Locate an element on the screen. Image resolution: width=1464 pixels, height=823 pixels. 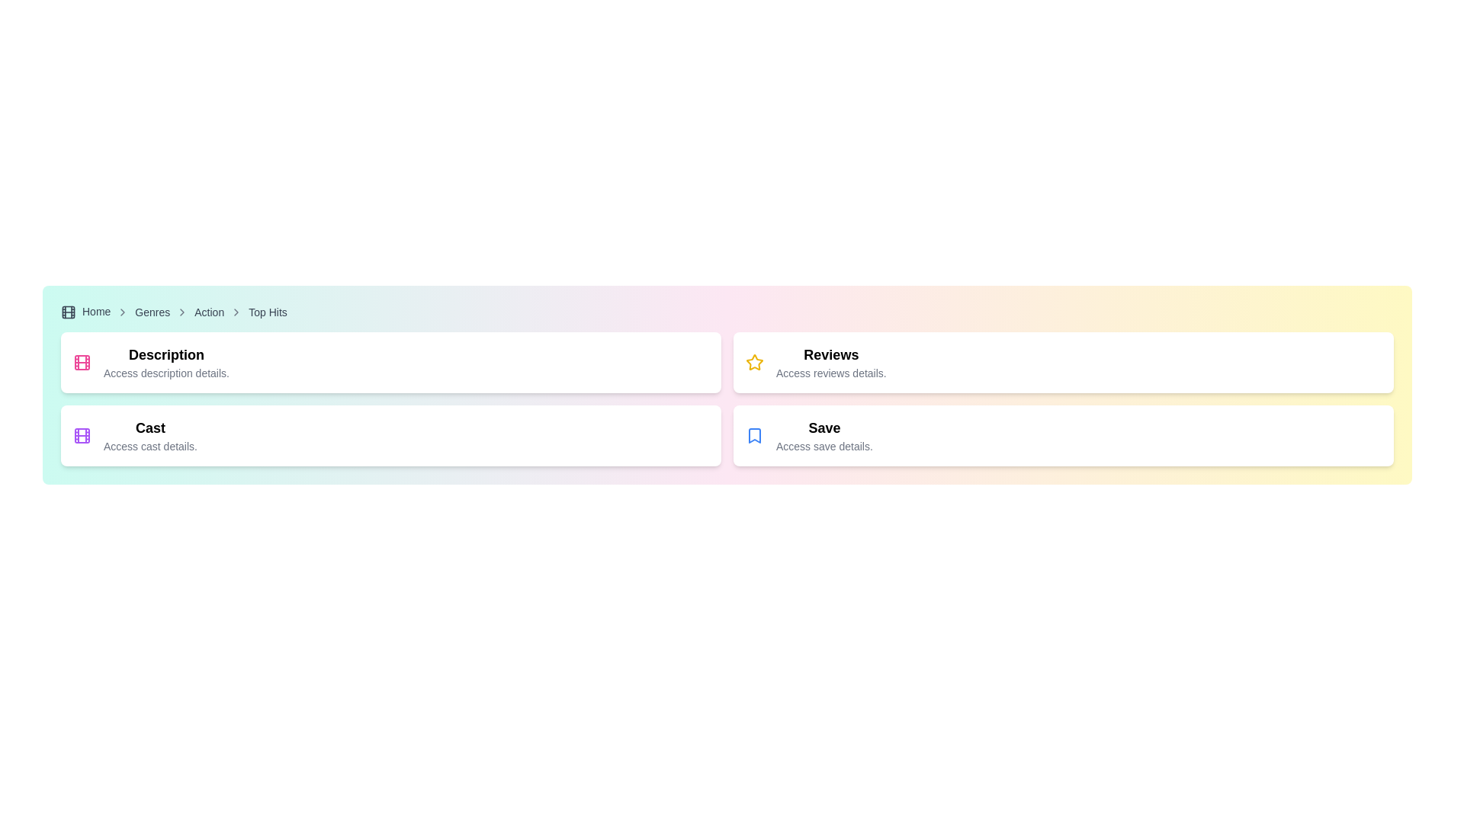
the right-oriented chevron icon in the breadcrumb navigation bar, which is located between the 'Home' and 'Genres' links is located at coordinates (123, 311).